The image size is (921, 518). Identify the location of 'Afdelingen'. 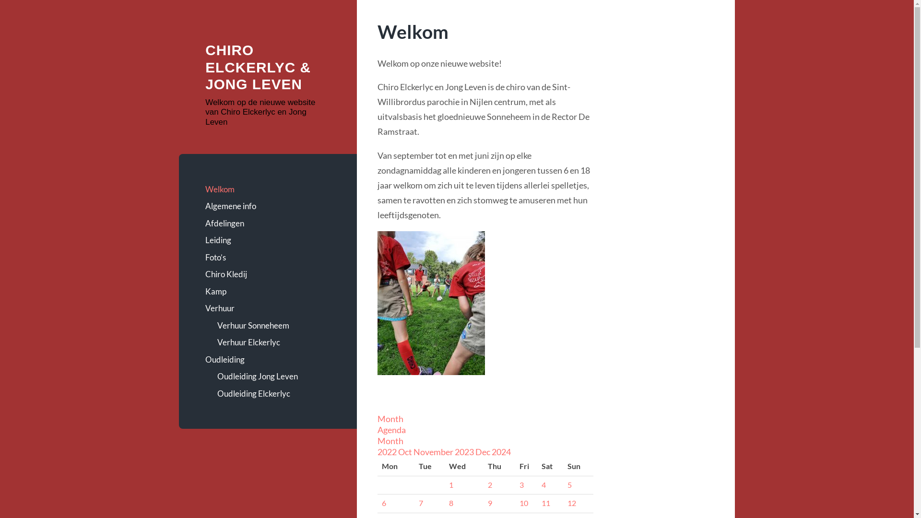
(267, 224).